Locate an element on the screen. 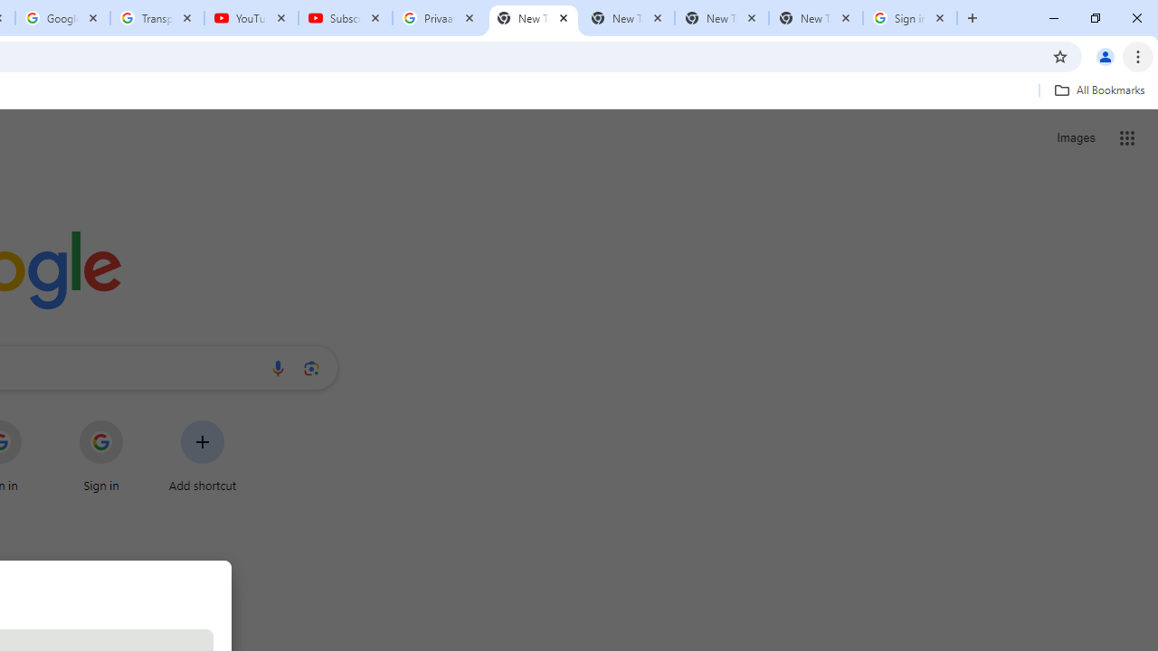 The width and height of the screenshot is (1158, 651). 'Google Account' is located at coordinates (62, 18).